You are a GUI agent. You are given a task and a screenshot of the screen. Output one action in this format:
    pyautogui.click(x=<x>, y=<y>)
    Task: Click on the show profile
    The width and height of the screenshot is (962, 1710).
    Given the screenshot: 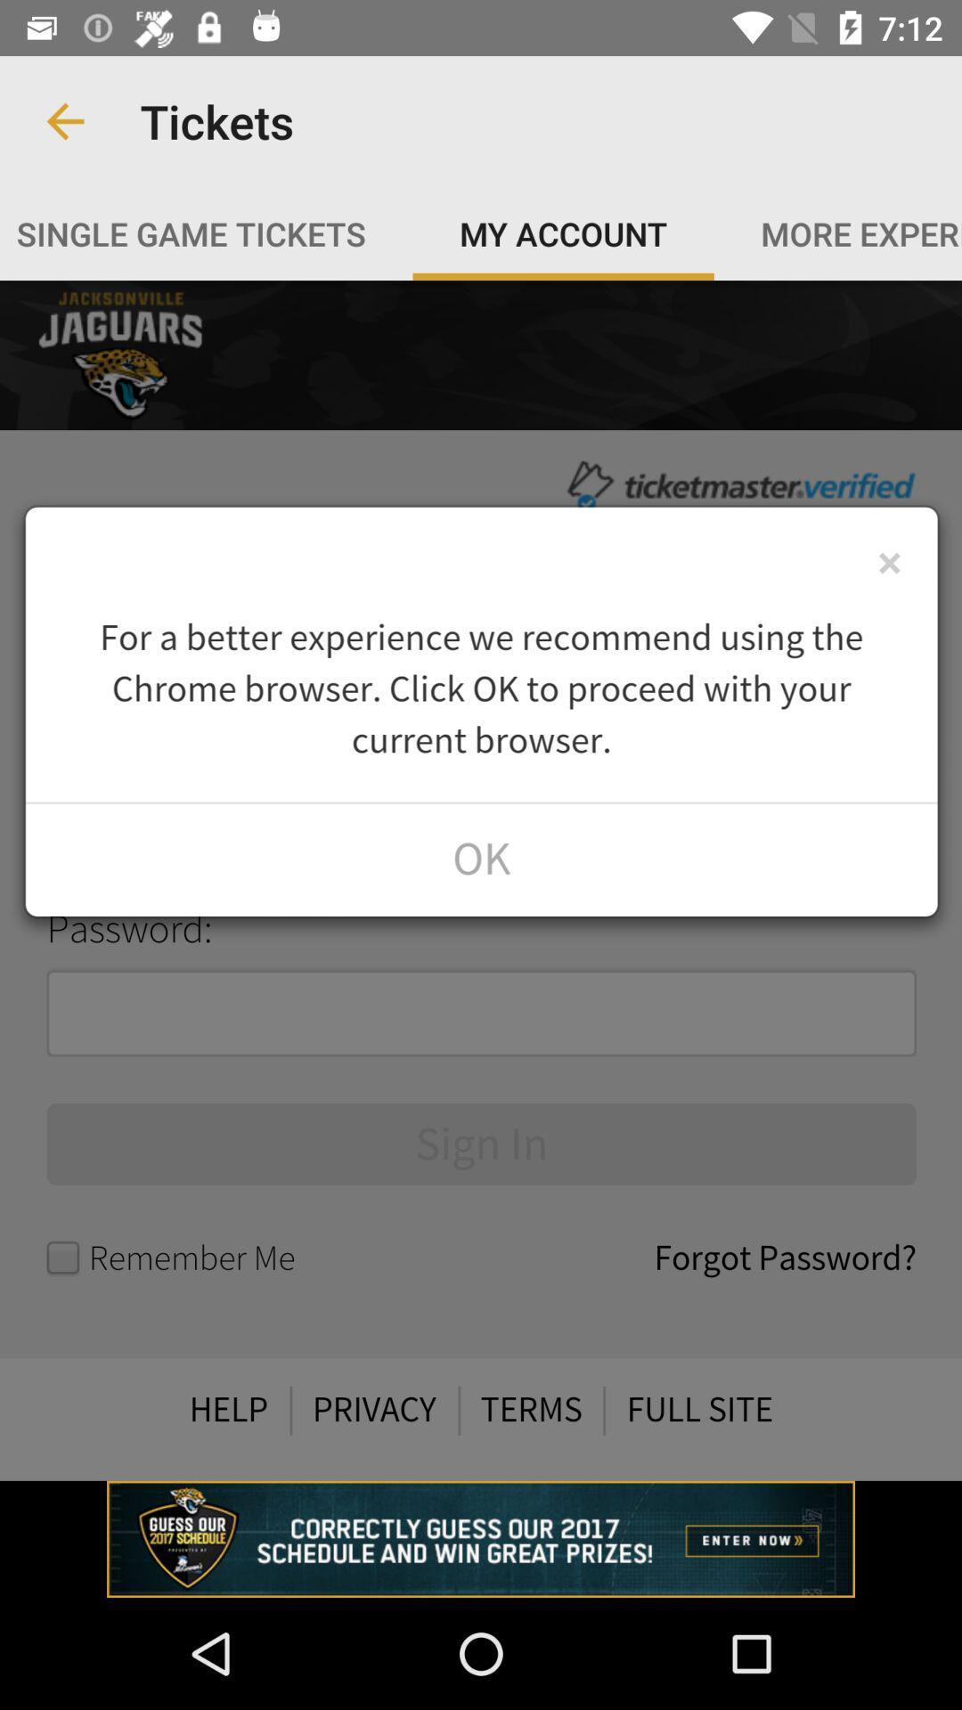 What is the action you would take?
    pyautogui.click(x=481, y=880)
    